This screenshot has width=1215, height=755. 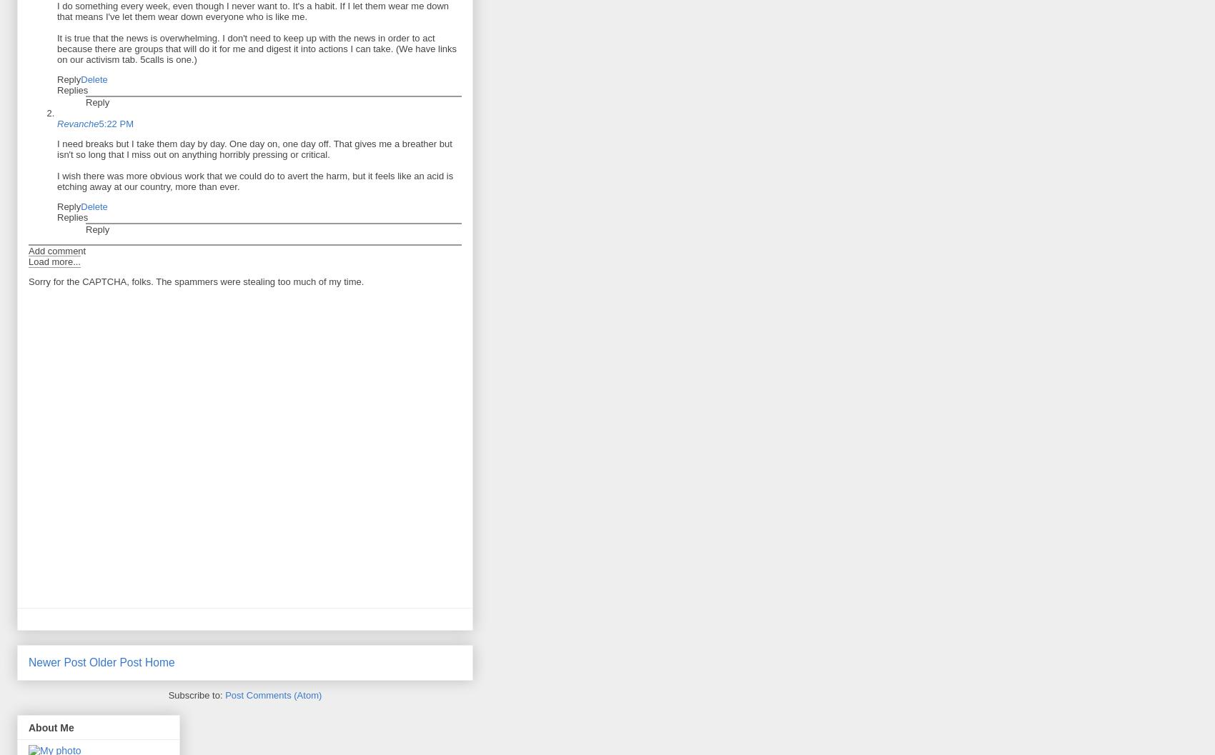 What do you see at coordinates (54, 261) in the screenshot?
I see `'Load more...'` at bounding box center [54, 261].